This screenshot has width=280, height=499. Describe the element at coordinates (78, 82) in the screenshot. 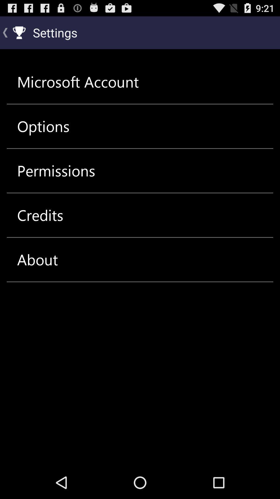

I see `microsoft account icon` at that location.